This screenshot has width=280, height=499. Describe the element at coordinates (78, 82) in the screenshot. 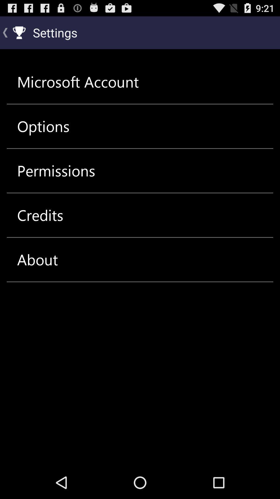

I see `microsoft account icon` at that location.